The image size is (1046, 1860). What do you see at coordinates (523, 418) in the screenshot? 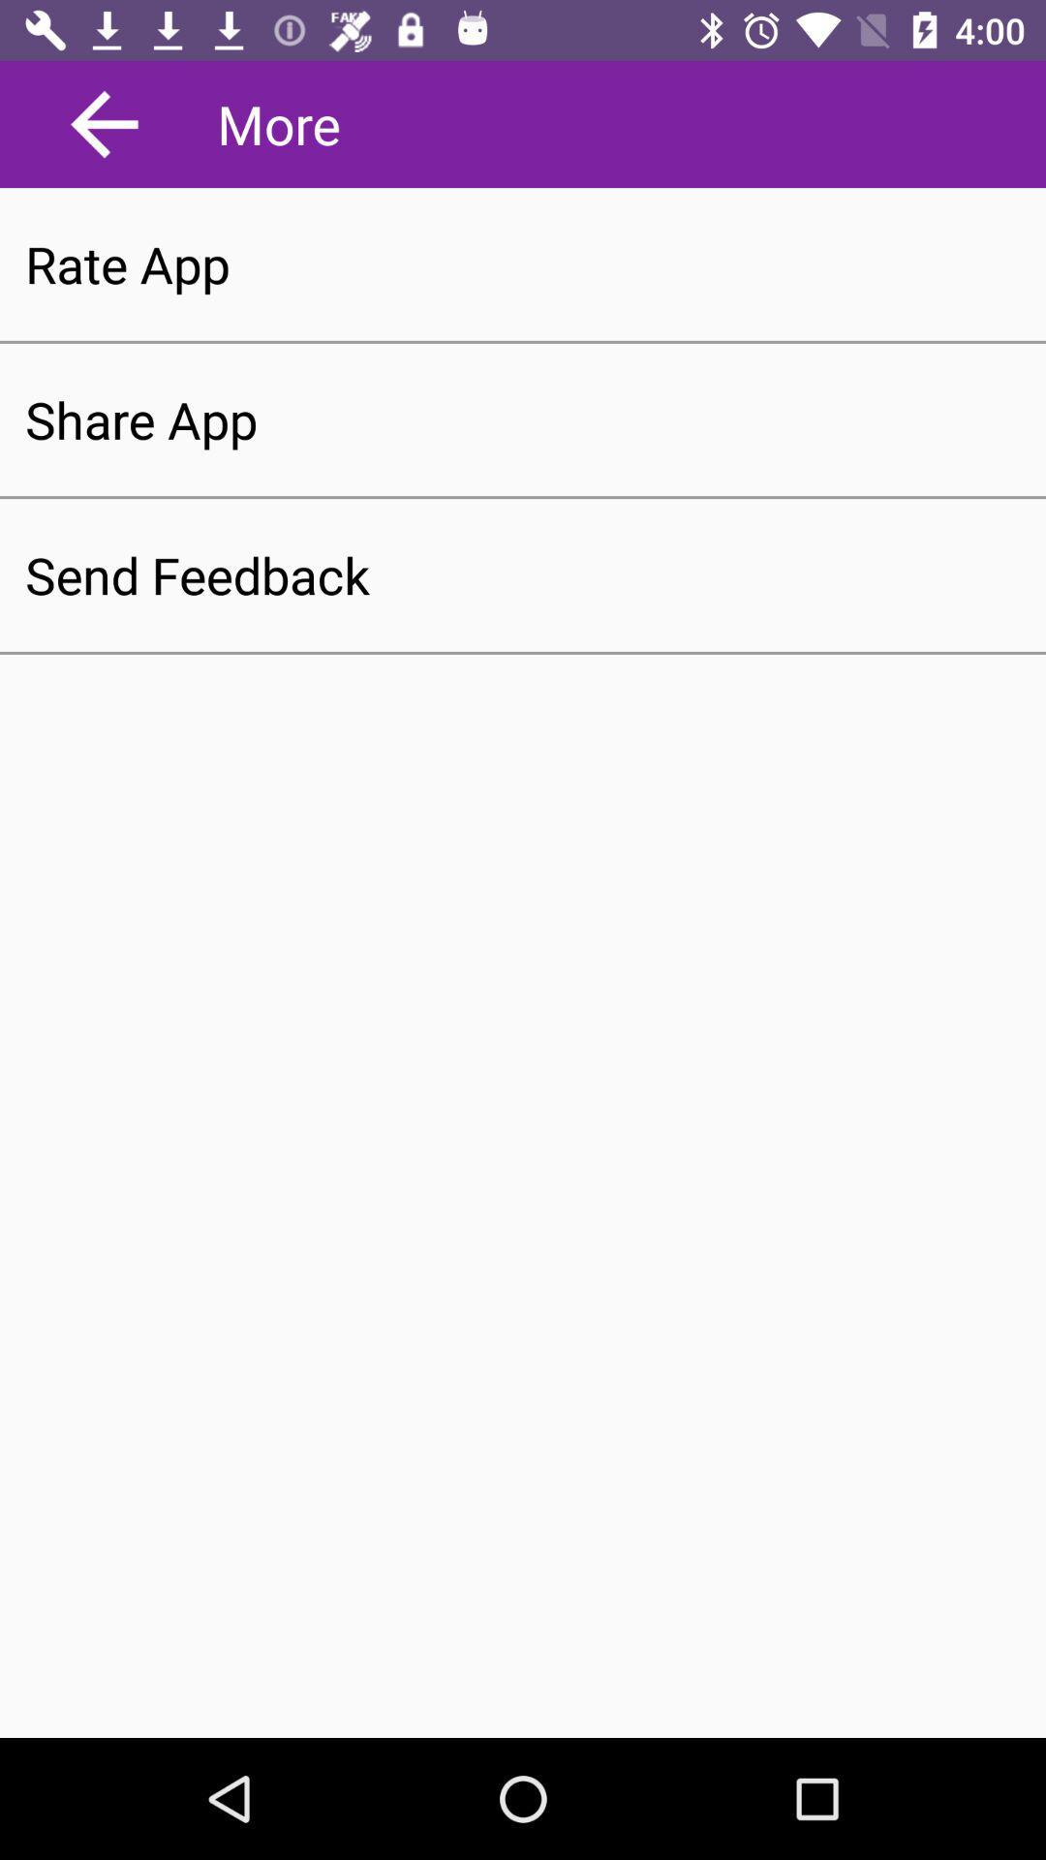
I see `share app` at bounding box center [523, 418].